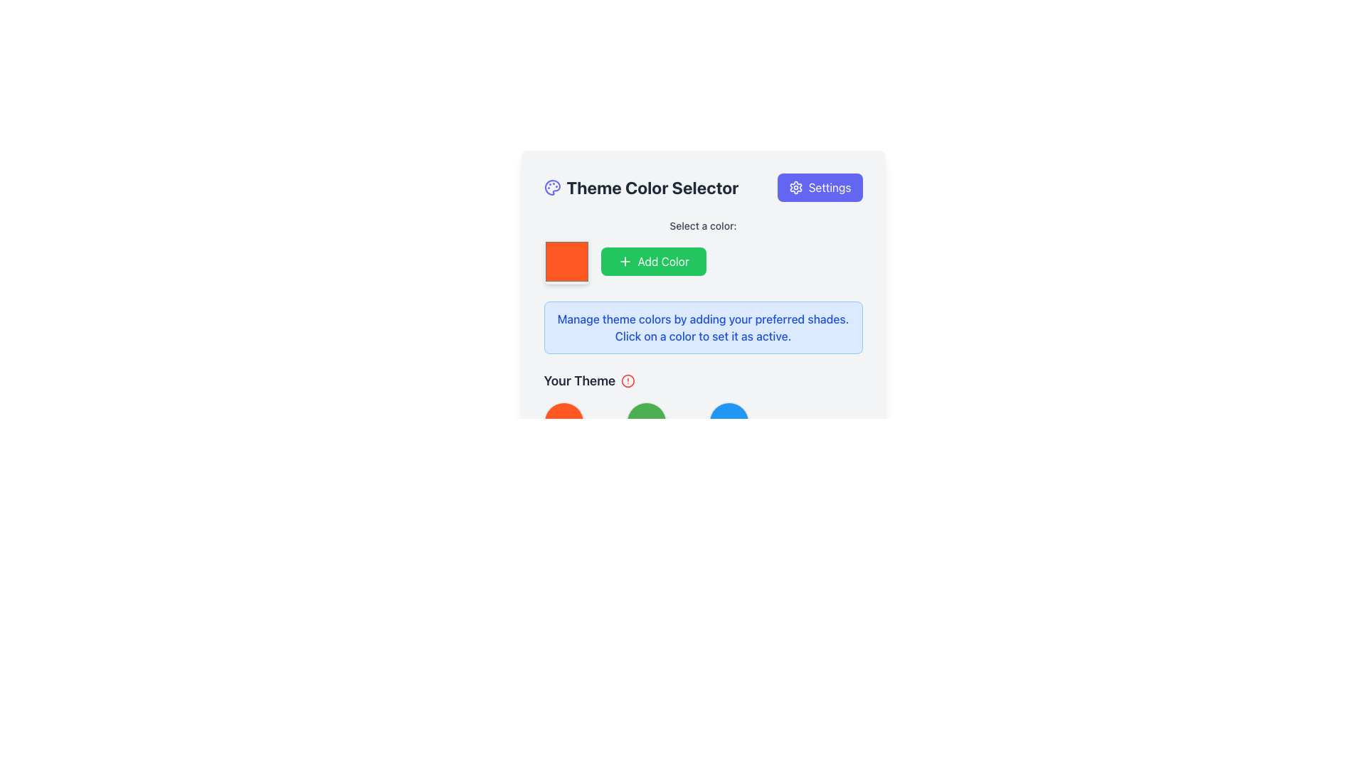 The height and width of the screenshot is (768, 1366). Describe the element at coordinates (795, 186) in the screenshot. I see `the settings icon, which is a cogwheel symbol located in the top-right corner of the widget` at that location.